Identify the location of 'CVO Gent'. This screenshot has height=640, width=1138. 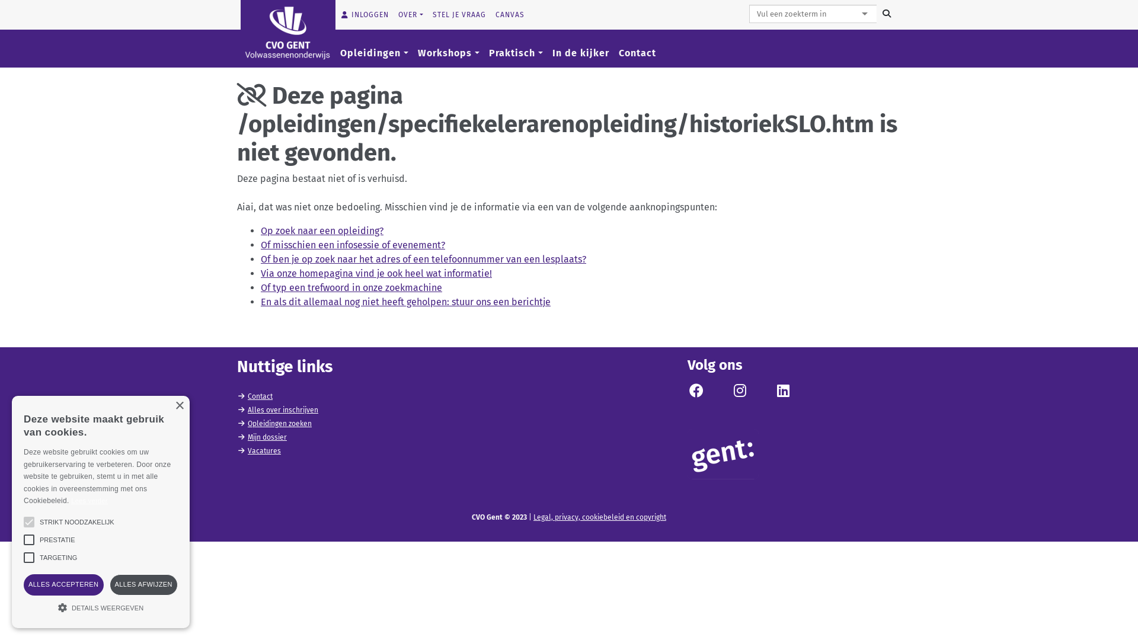
(240, 31).